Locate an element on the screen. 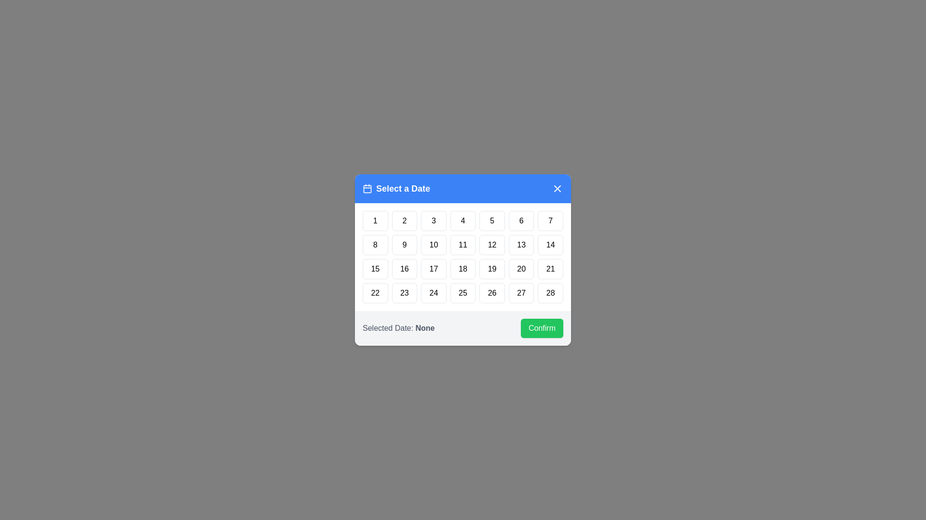 Image resolution: width=926 pixels, height=520 pixels. the button representing the day 9 to select that date is located at coordinates (405, 245).